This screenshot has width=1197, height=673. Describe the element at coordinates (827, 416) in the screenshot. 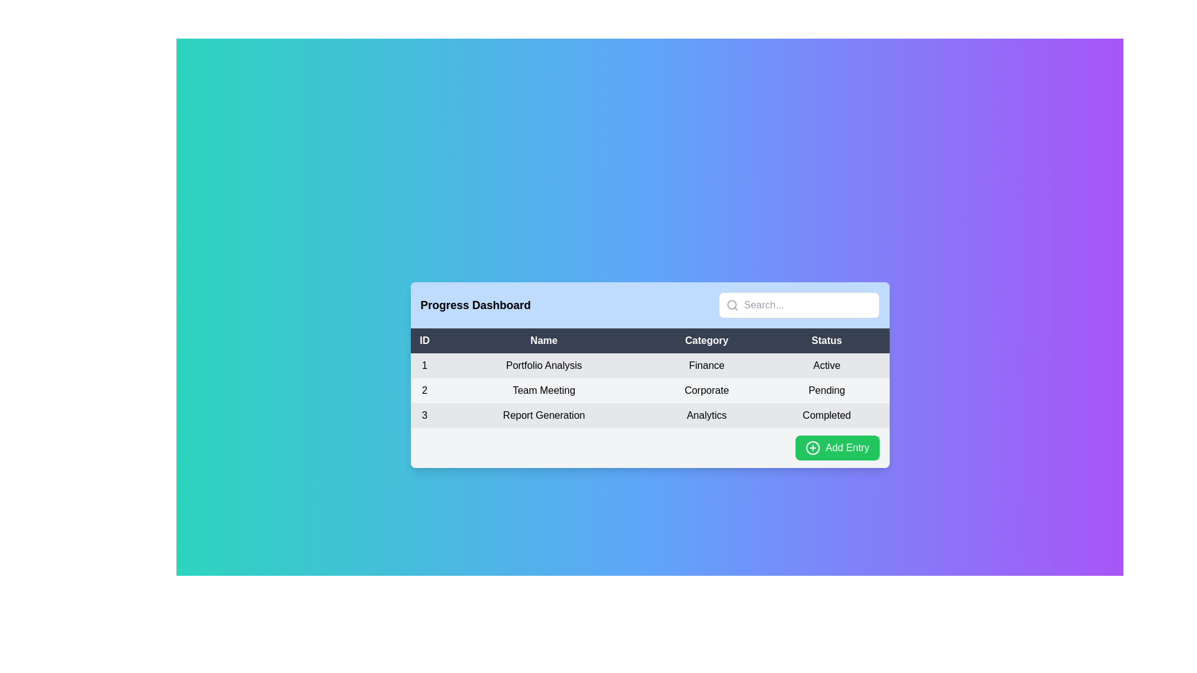

I see `the static text label reading 'Completed' in the 'Status' column of the row for 'Report Generation'` at that location.